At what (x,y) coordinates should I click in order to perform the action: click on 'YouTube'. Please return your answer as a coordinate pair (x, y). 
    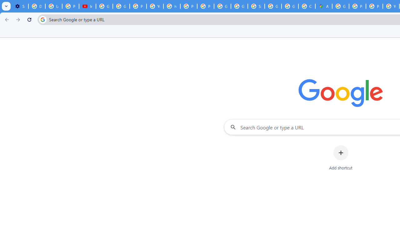
    Looking at the image, I should click on (155, 6).